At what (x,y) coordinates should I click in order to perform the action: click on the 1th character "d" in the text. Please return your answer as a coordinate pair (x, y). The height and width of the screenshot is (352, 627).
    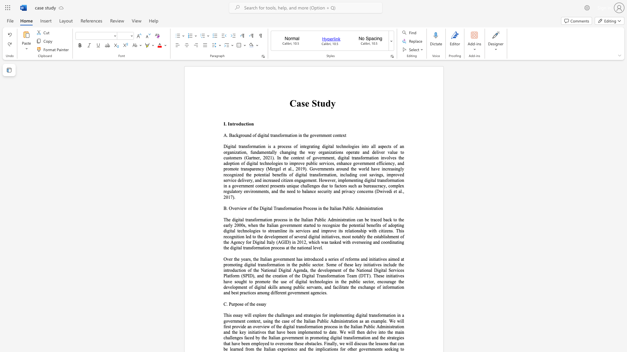
    Looking at the image, I should click on (239, 124).